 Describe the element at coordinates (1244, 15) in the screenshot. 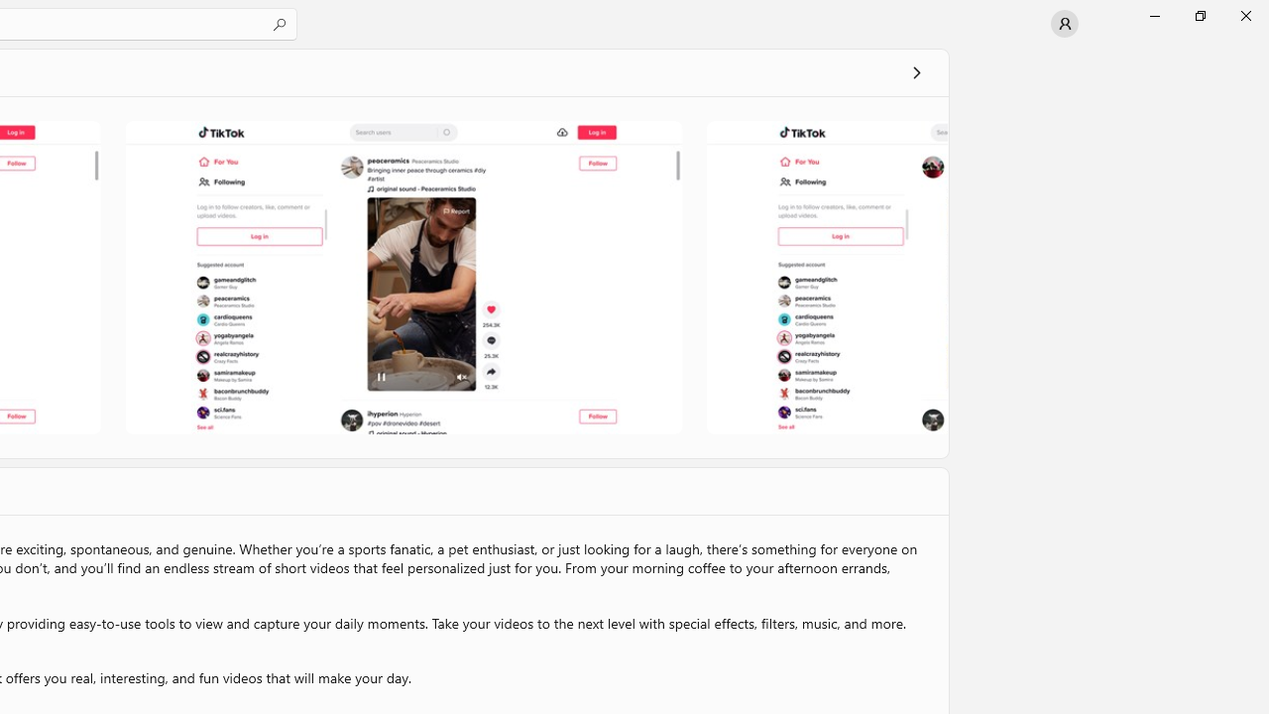

I see `'Close Microsoft Store'` at that location.